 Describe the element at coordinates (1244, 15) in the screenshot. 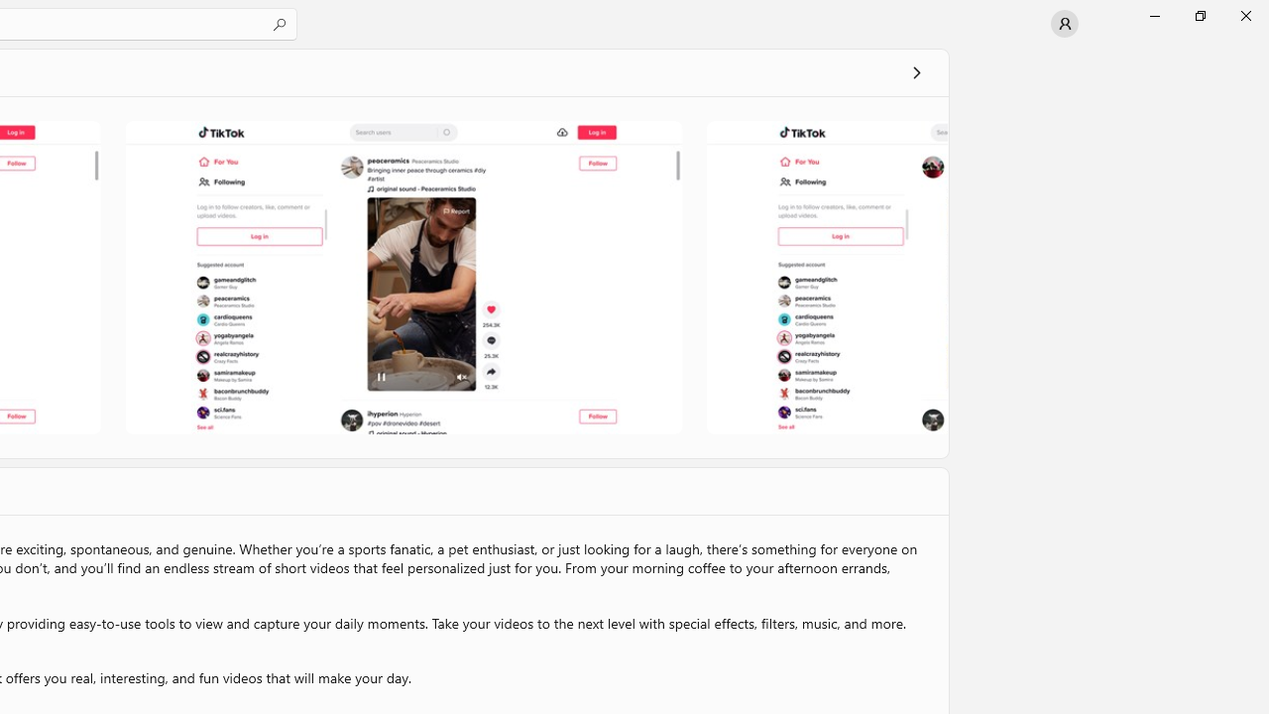

I see `'Close Microsoft Store'` at that location.